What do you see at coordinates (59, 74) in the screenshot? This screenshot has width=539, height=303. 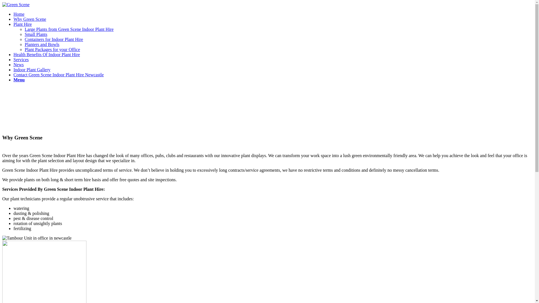 I see `'Contact Green Scene Indoor Plant Hire Newcastle'` at bounding box center [59, 74].